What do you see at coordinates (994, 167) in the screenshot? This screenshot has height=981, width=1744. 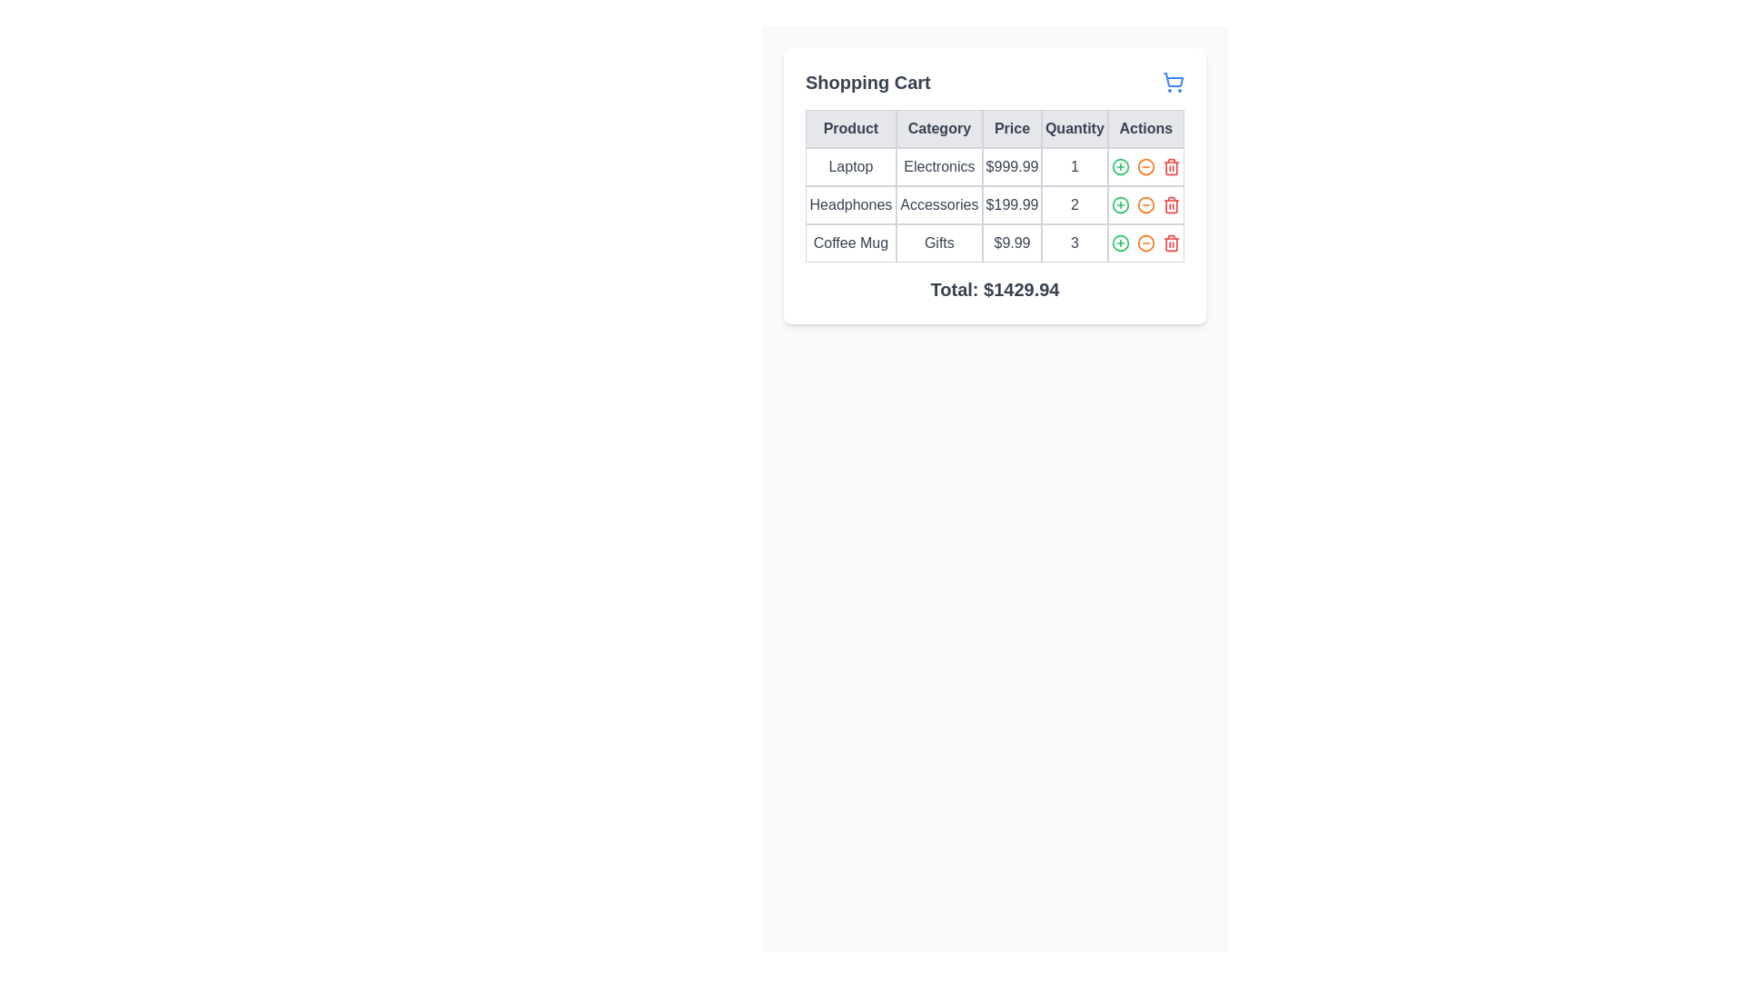 I see `the first row of the 'Shopping Cart' table that presents product details including title, category, price, and quantity` at bounding box center [994, 167].